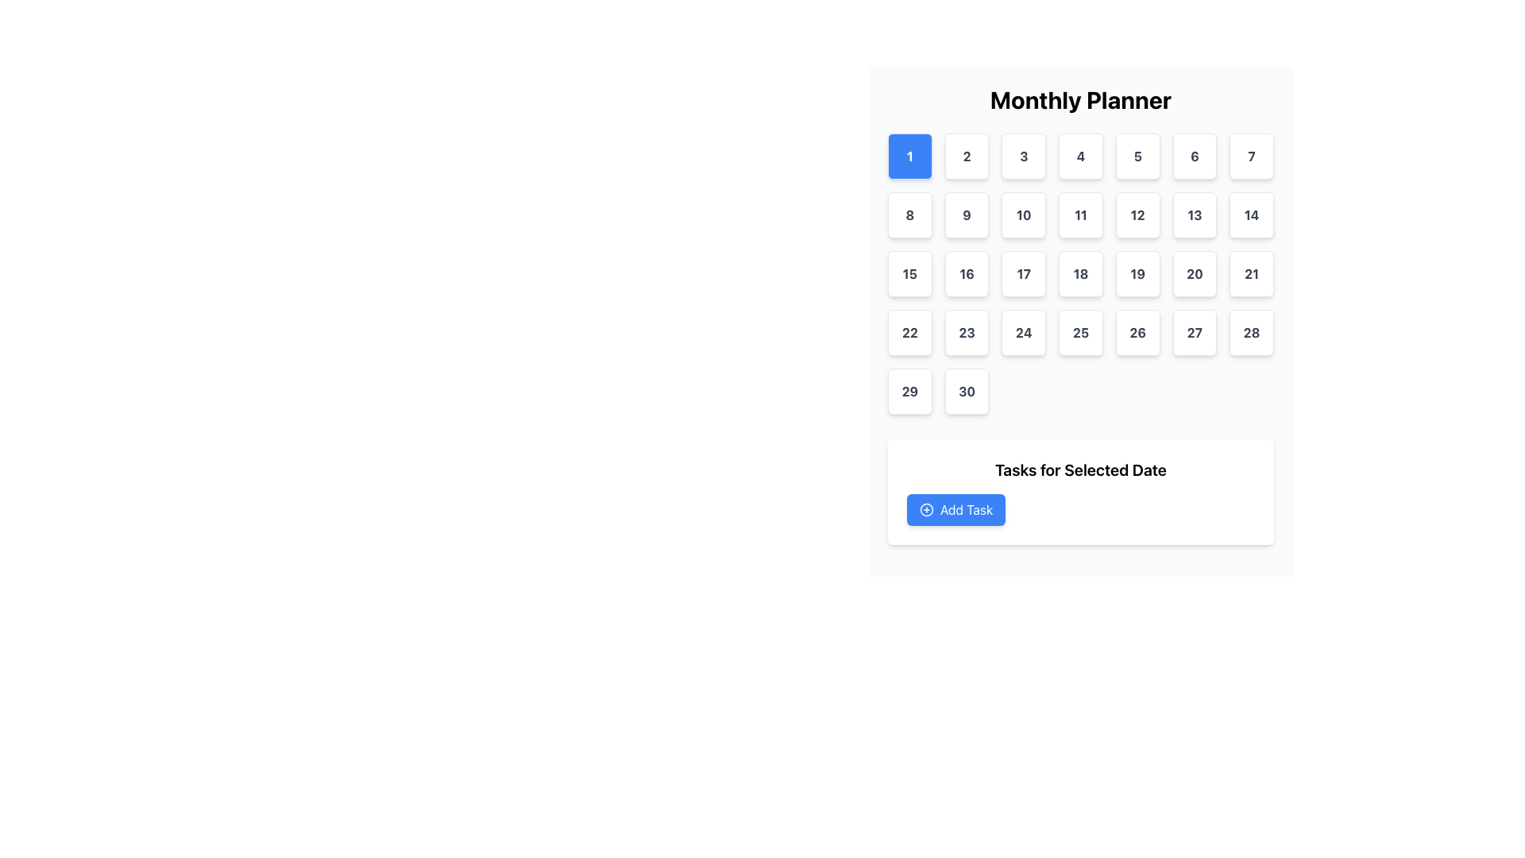  What do you see at coordinates (1251, 214) in the screenshot?
I see `the button representing the date '14' on the calendar to initiate date-related actions` at bounding box center [1251, 214].